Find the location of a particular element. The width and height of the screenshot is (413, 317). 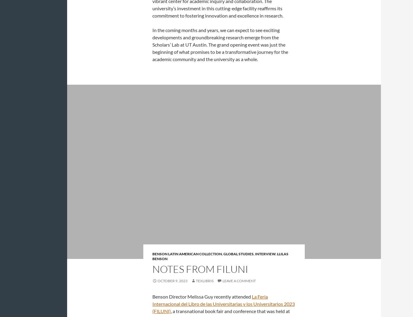

'Texlibris' is located at coordinates (204, 281).